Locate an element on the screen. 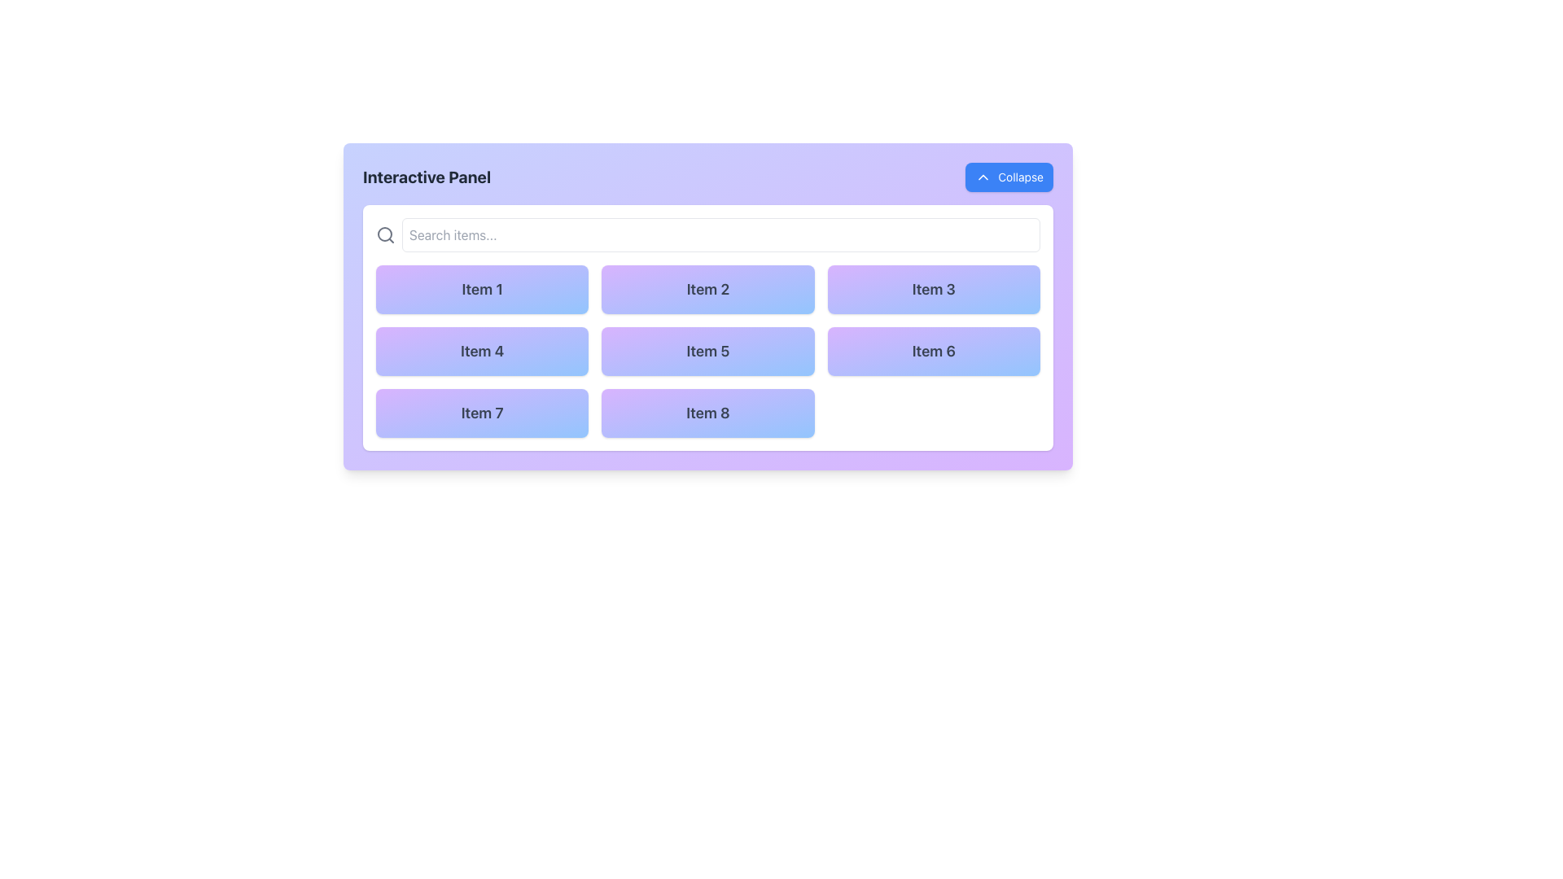  the card or list item component displaying information about 'Item 8', located at the bottom-right corner of the grid layout is located at coordinates (707, 413).